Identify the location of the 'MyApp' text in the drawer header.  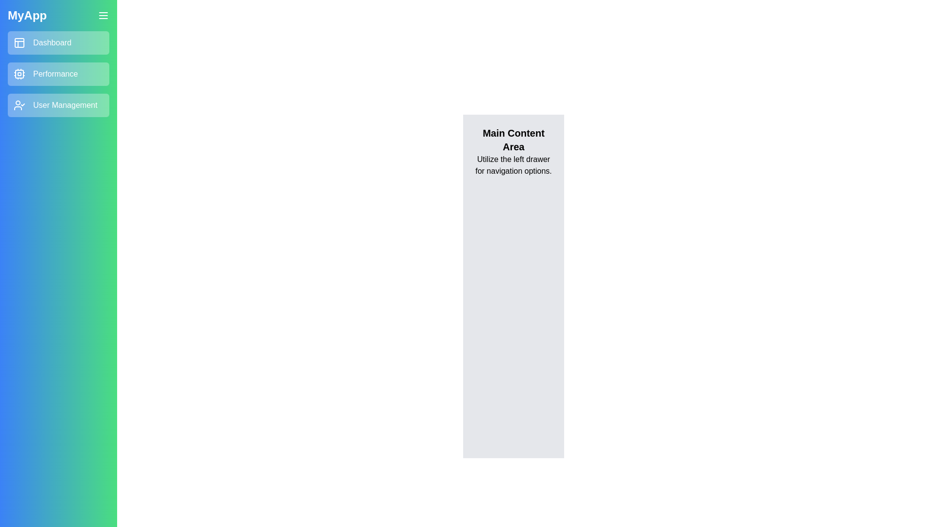
(27, 15).